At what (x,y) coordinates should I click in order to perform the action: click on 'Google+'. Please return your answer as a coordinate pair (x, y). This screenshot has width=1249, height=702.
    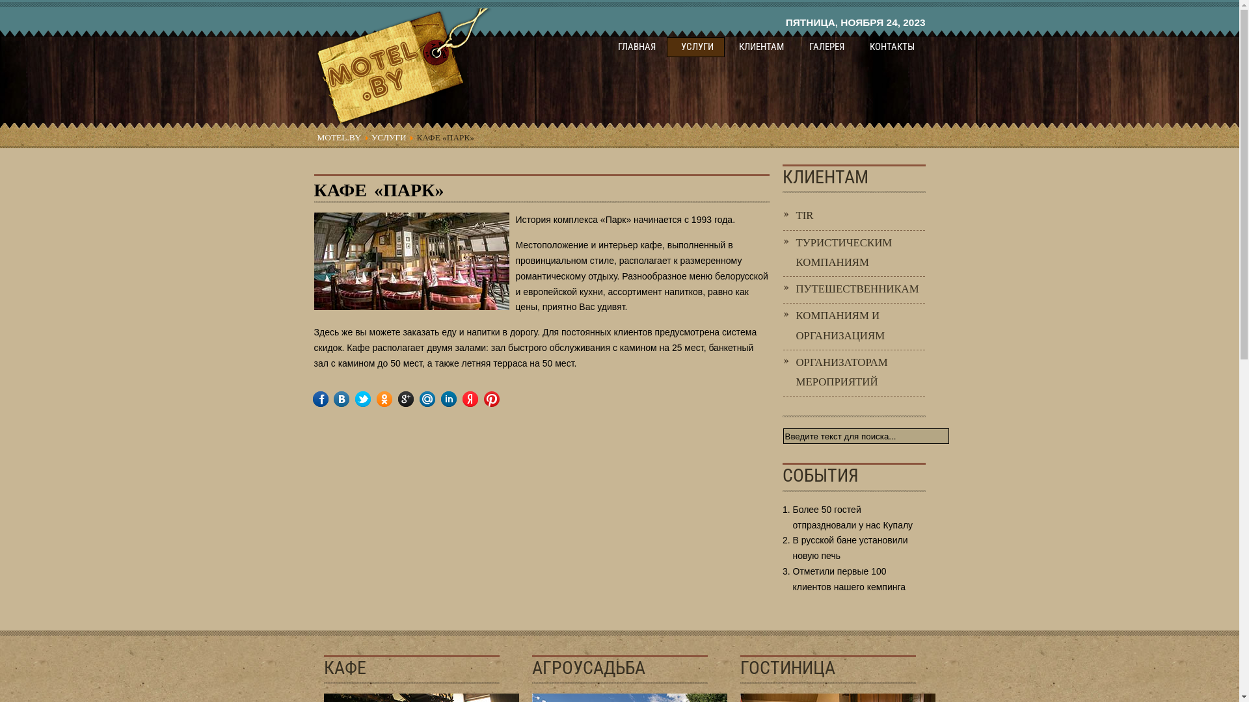
    Looking at the image, I should click on (414, 398).